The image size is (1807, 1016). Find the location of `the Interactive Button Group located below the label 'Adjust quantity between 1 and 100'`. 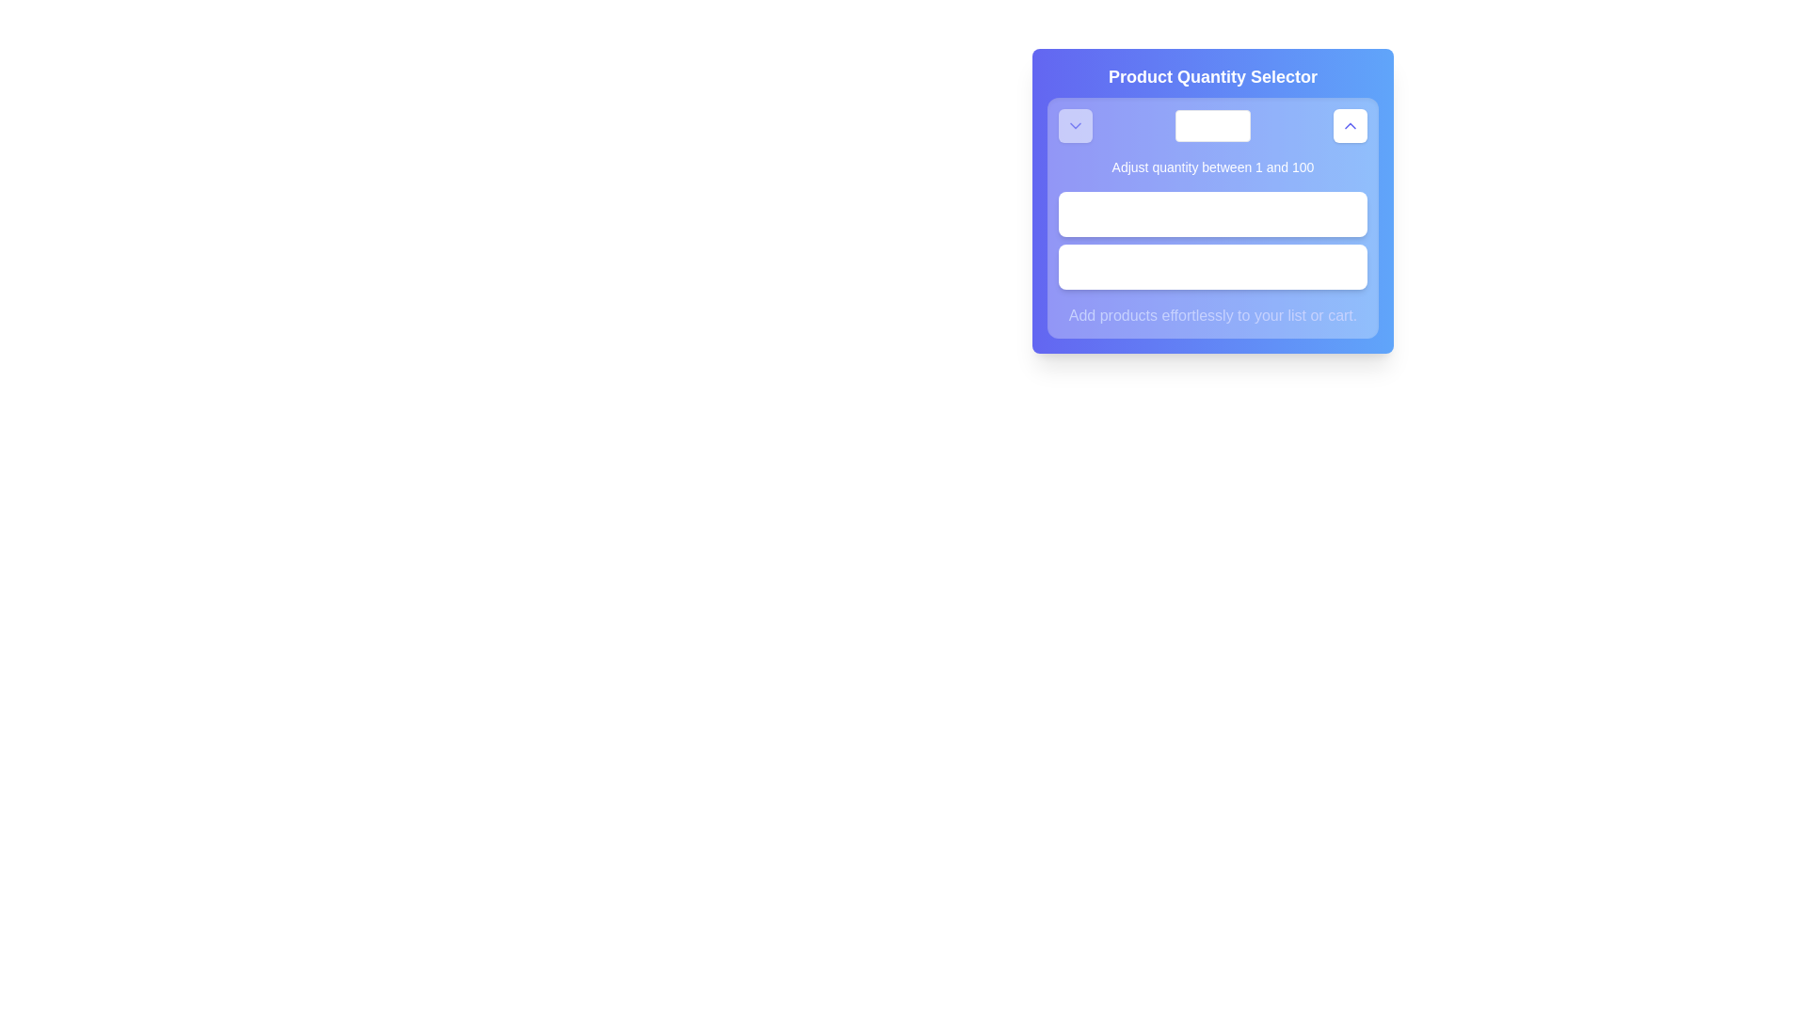

the Interactive Button Group located below the label 'Adjust quantity between 1 and 100' is located at coordinates (1213, 239).